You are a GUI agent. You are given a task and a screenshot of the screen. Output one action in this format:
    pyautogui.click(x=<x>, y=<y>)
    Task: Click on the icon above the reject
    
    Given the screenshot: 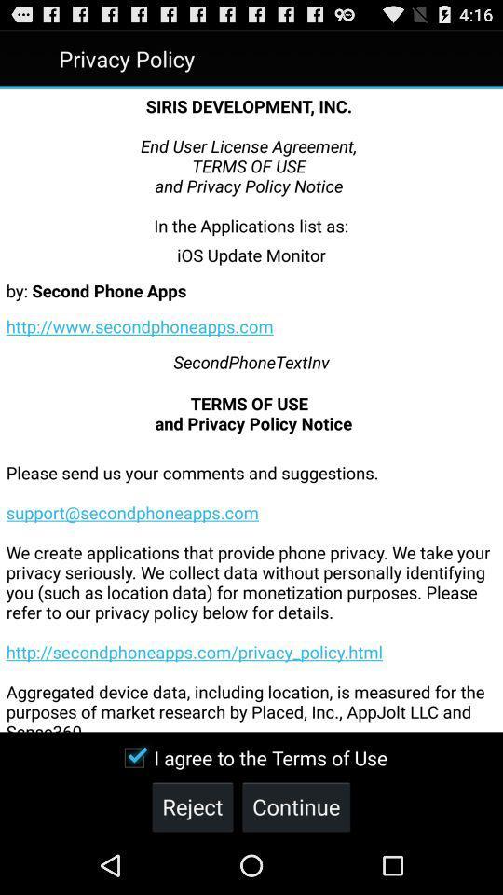 What is the action you would take?
    pyautogui.click(x=251, y=758)
    